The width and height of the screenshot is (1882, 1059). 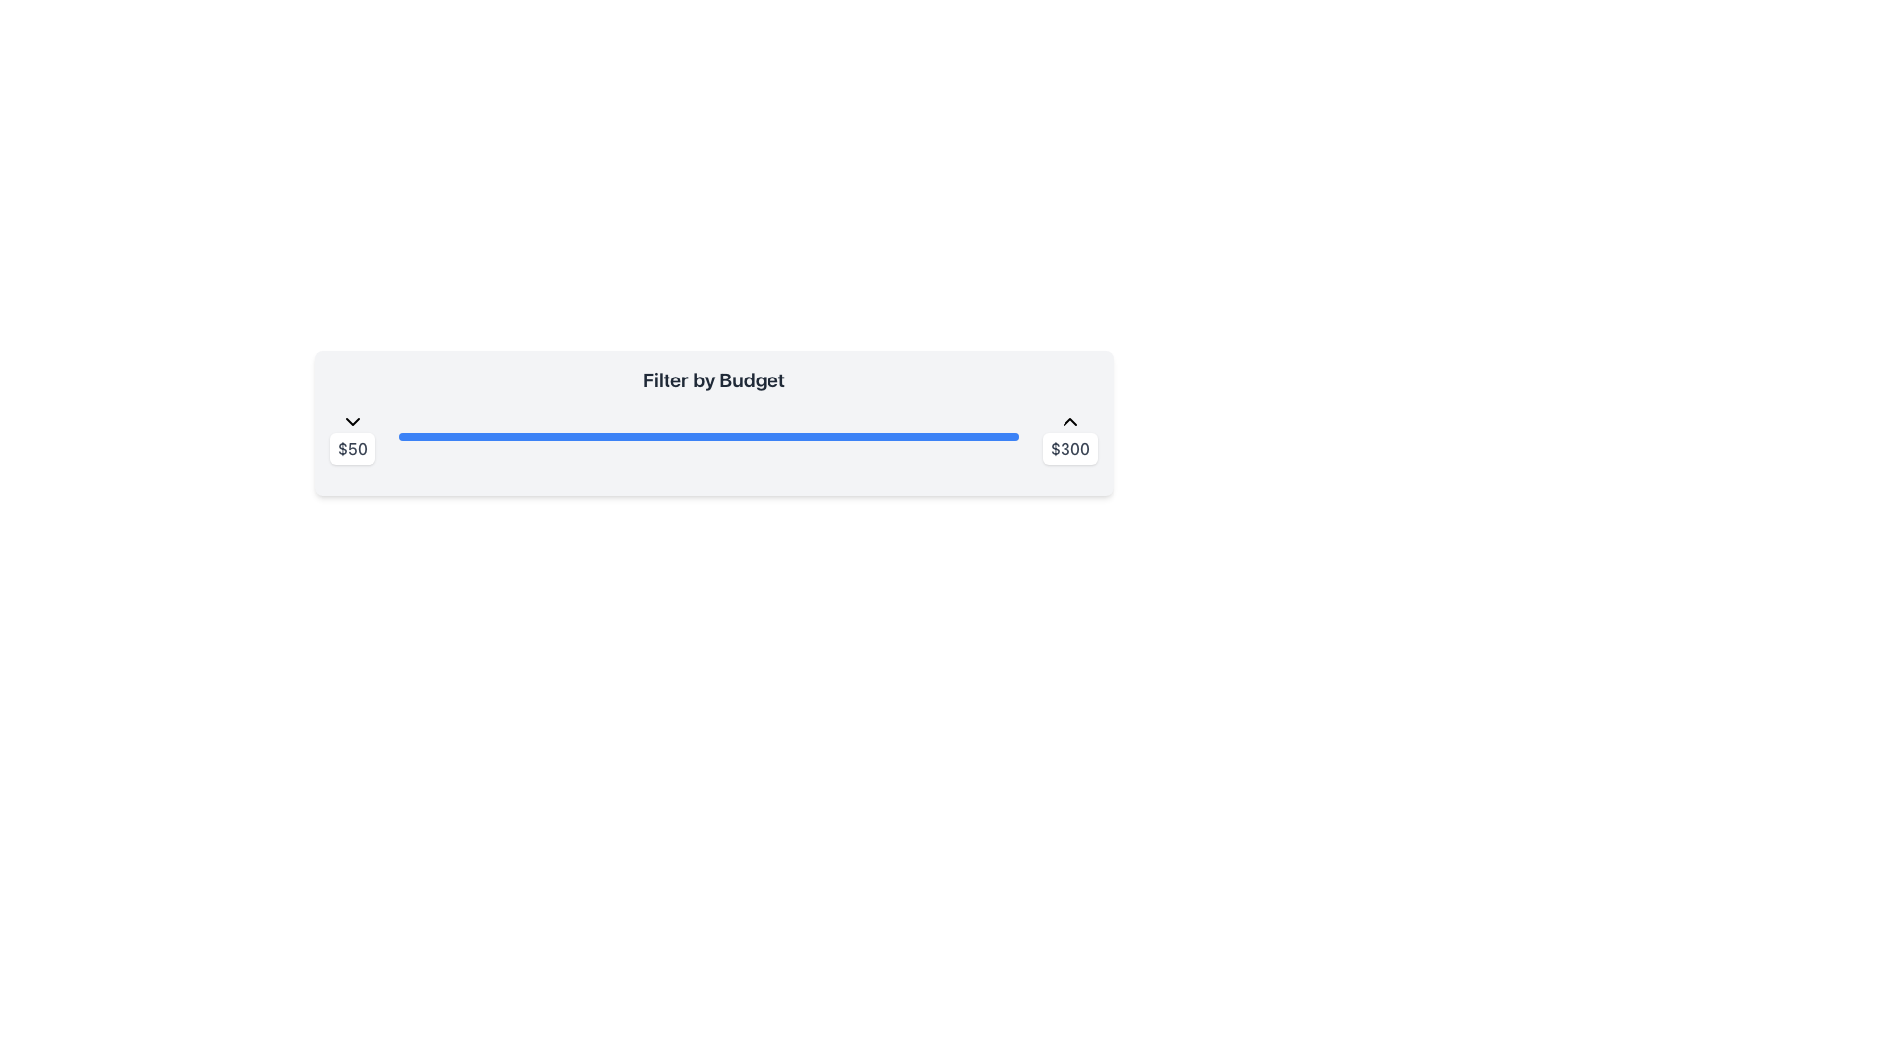 What do you see at coordinates (1068, 449) in the screenshot?
I see `the static text display that shows the upper limit value of '$300' for the budget range slider, located at the top right of the budget filtering component` at bounding box center [1068, 449].